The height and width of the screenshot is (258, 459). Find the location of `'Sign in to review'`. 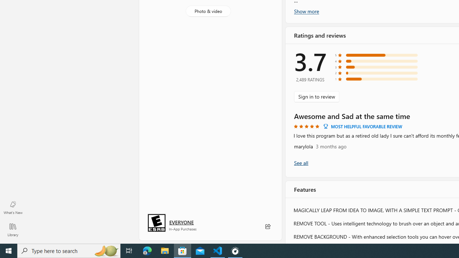

'Sign in to review' is located at coordinates (316, 96).